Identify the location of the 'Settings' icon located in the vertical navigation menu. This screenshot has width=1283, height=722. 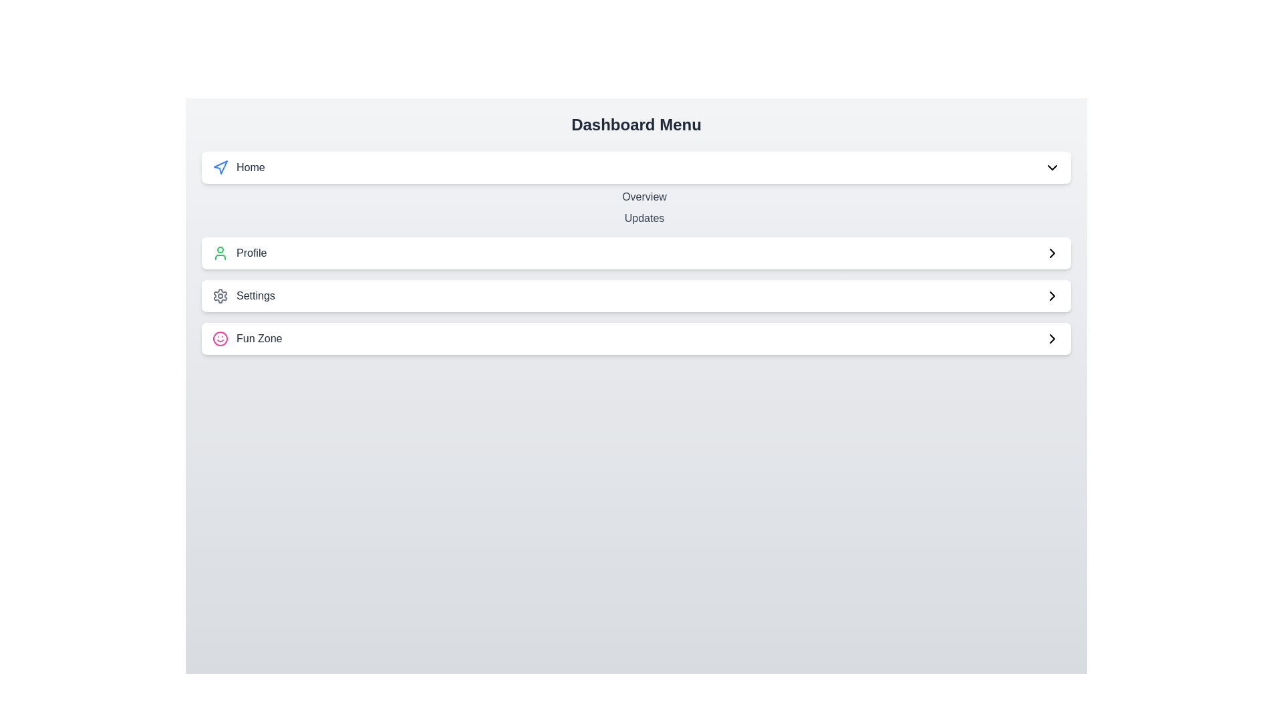
(221, 295).